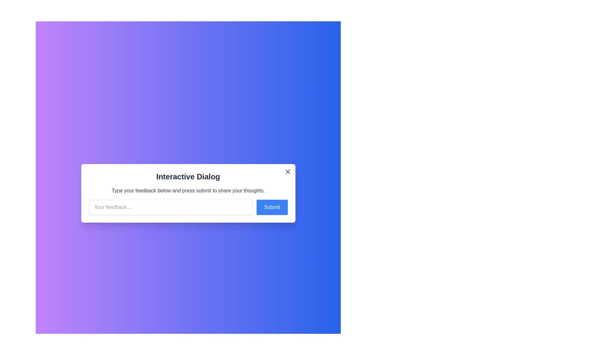  I want to click on submit button to submit the feedback, so click(272, 207).